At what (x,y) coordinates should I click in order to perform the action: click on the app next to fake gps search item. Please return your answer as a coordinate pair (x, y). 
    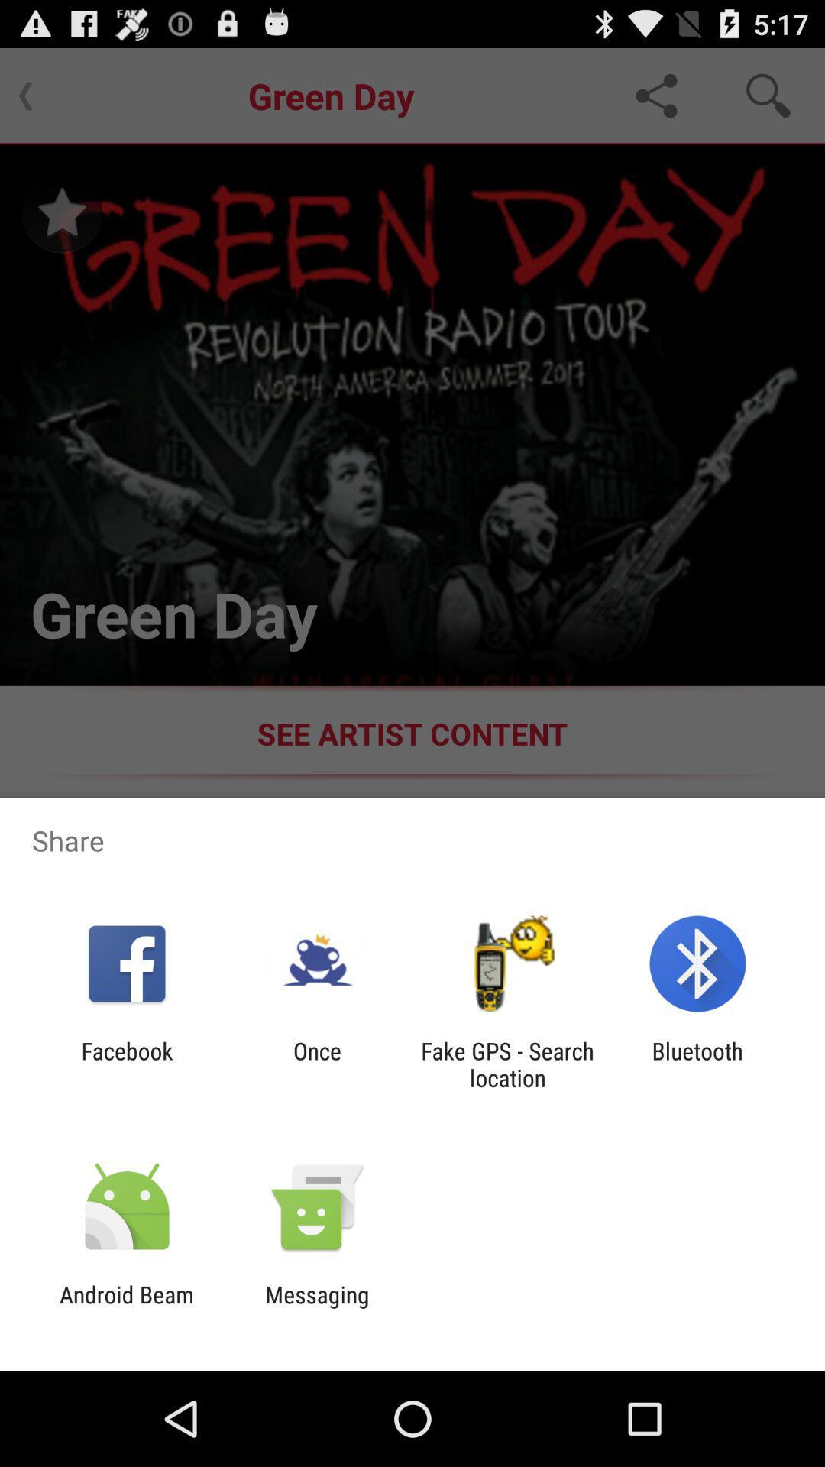
    Looking at the image, I should click on (697, 1064).